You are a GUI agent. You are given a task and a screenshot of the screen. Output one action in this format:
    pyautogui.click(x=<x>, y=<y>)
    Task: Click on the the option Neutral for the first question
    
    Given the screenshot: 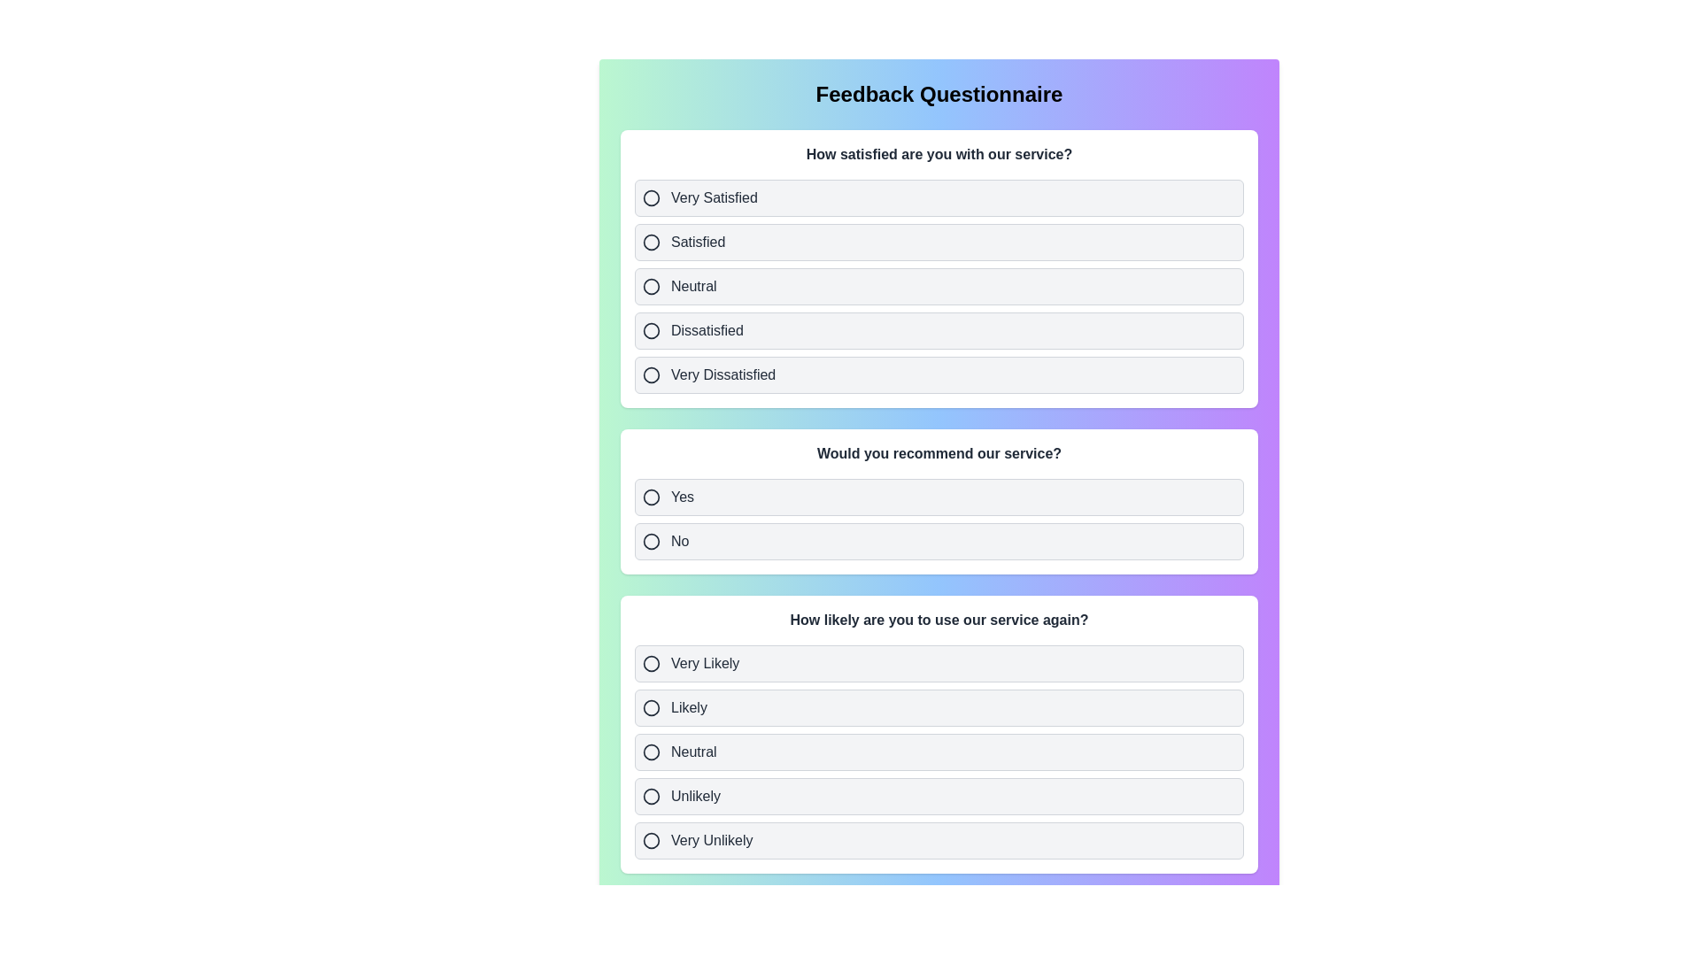 What is the action you would take?
    pyautogui.click(x=938, y=286)
    